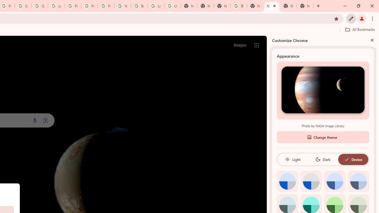 This screenshot has width=379, height=213. What do you see at coordinates (335, 181) in the screenshot?
I see `'Blue'` at bounding box center [335, 181].